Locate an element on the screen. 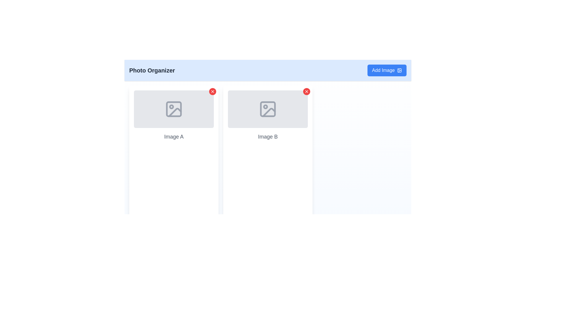 The height and width of the screenshot is (317, 564). the rounded rectangle graphical component that represents an image thumbnail within the 'Image B' panel is located at coordinates (268, 109).